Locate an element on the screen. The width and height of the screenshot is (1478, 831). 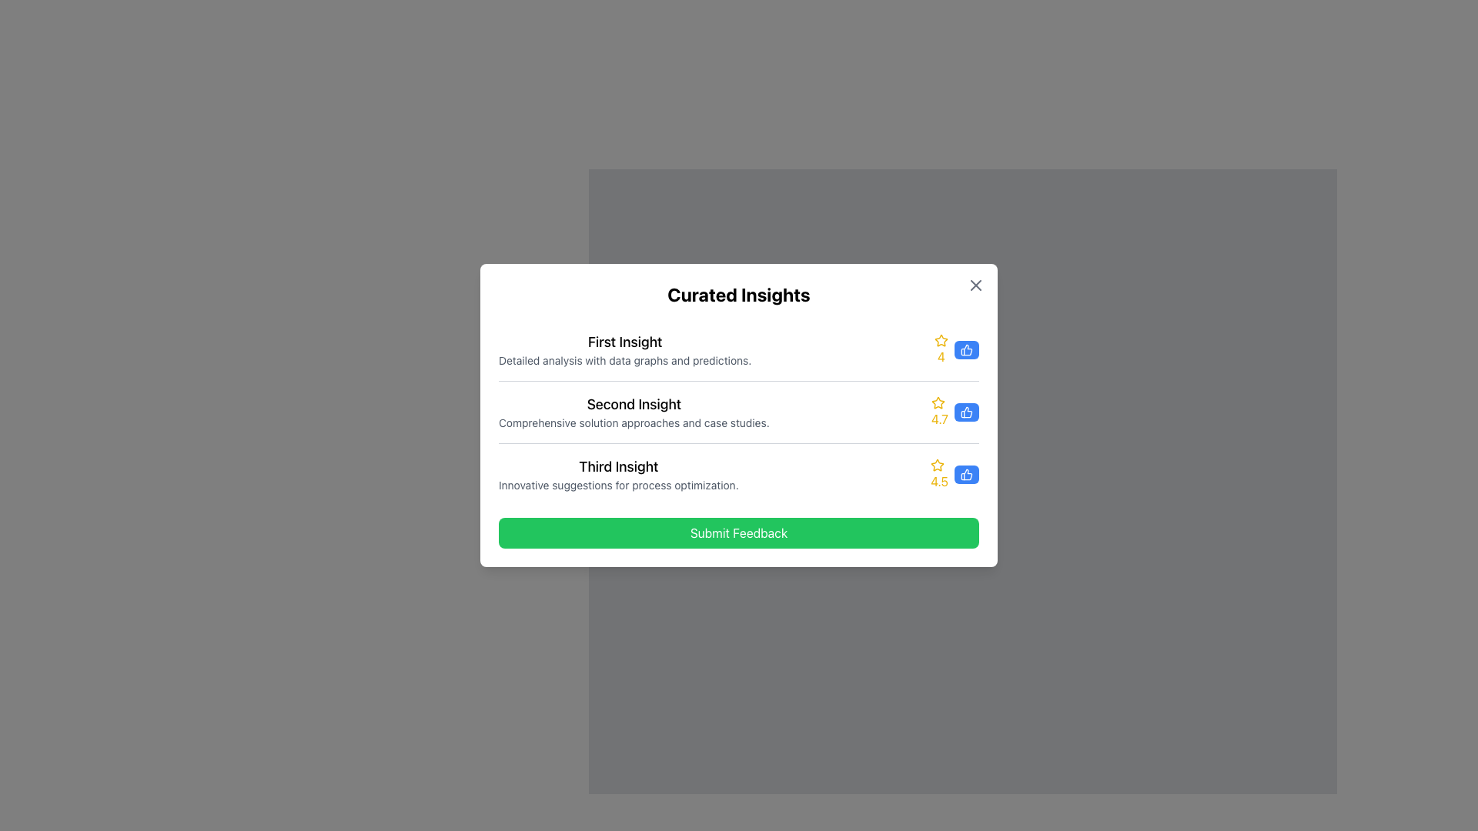
the rating icon for the 'Third Insight' located in the third list item of the 'Curated Insights' modal, which displays a rating of '4.5' is located at coordinates (937, 465).